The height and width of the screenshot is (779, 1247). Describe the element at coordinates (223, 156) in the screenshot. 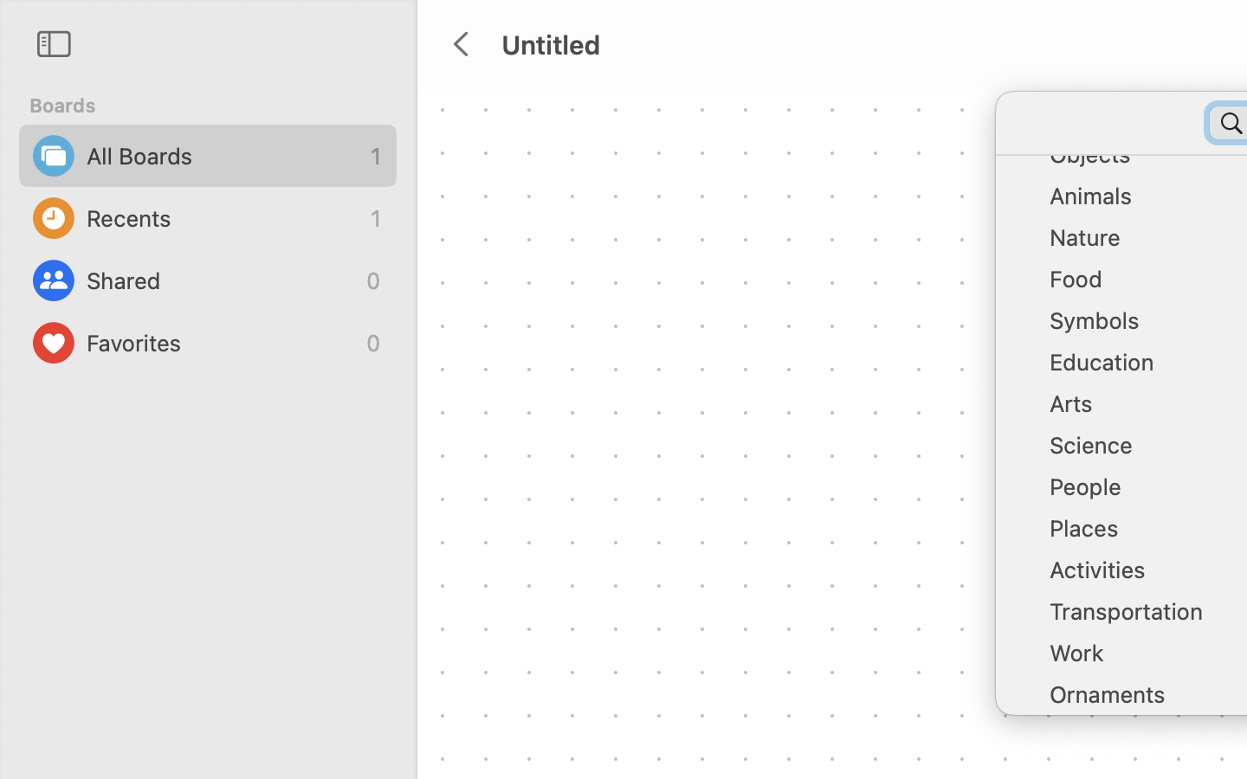

I see `'All Boards'` at that location.